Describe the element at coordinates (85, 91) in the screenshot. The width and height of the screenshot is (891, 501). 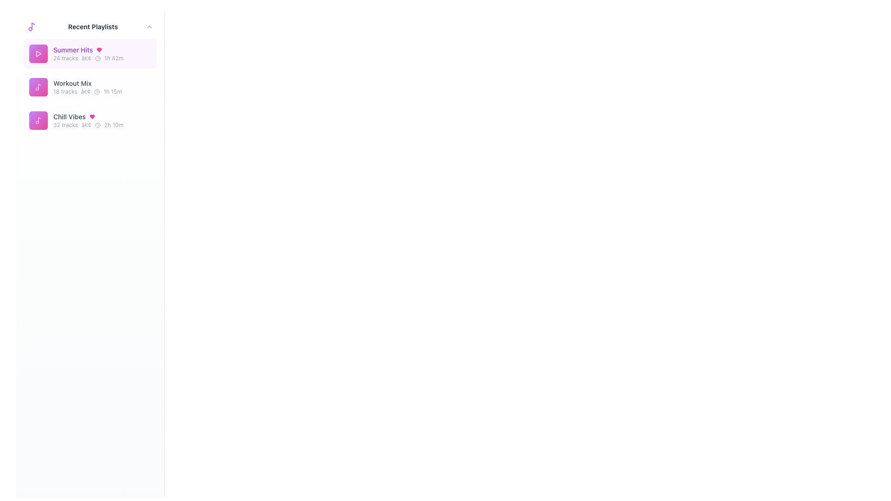
I see `the textual indicator or bullet point that separates the '18 tracks' label and the clock icon in the second playlist entry` at that location.